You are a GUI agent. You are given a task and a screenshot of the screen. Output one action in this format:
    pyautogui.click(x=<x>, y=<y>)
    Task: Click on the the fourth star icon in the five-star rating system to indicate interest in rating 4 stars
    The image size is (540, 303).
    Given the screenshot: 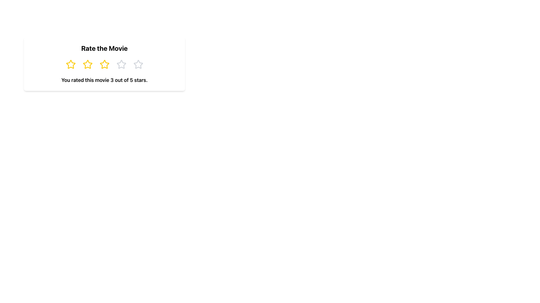 What is the action you would take?
    pyautogui.click(x=121, y=64)
    